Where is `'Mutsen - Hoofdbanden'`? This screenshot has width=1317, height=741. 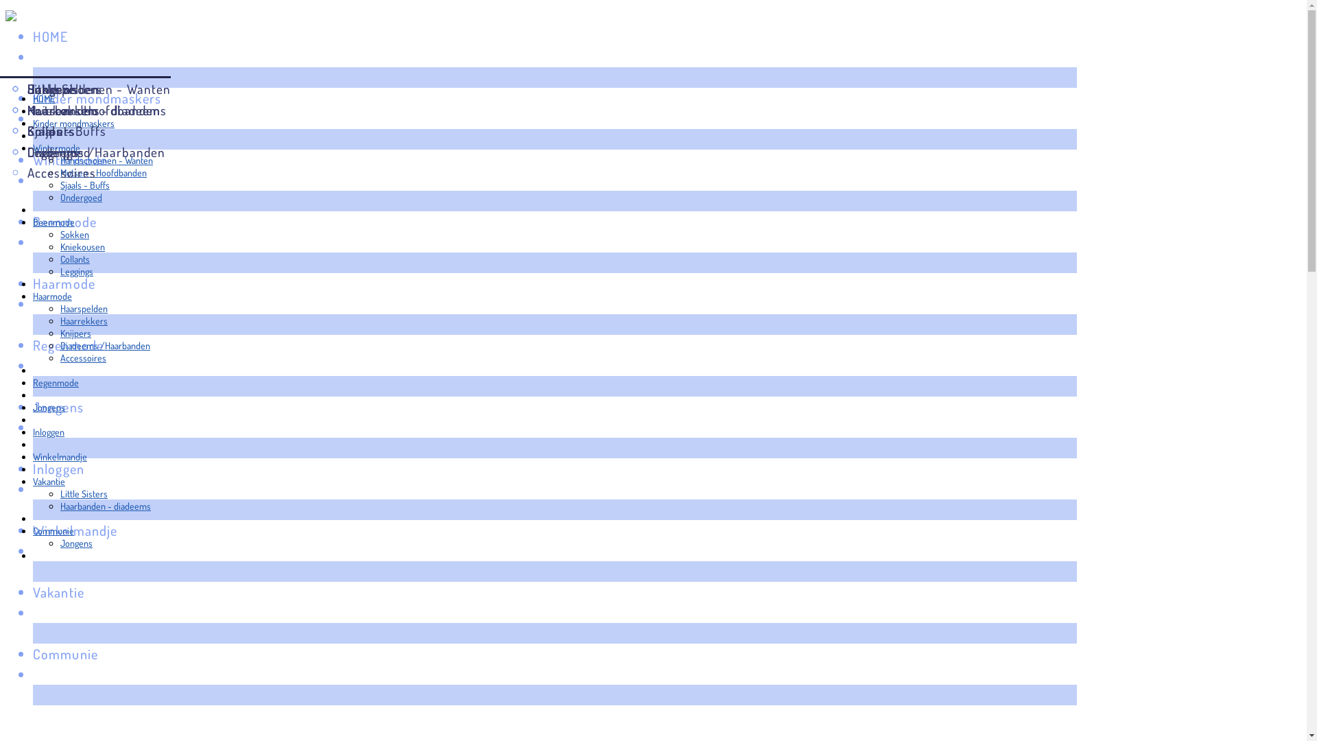
'Mutsen - Hoofdbanden' is located at coordinates (59, 172).